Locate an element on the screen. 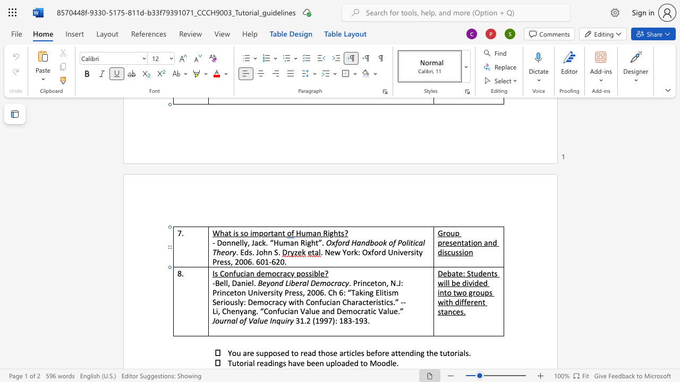 This screenshot has height=382, width=680. the space between the continuous character "S" and "." in the text is located at coordinates (277, 252).